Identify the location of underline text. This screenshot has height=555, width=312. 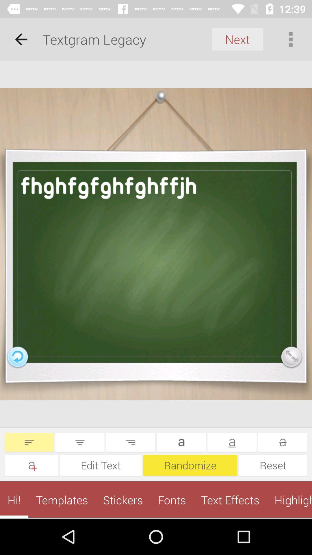
(232, 442).